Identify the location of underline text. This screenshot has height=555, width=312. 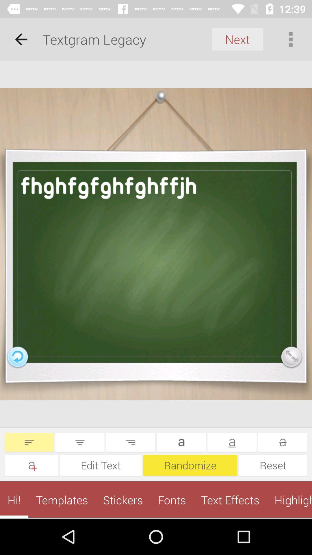
(232, 442).